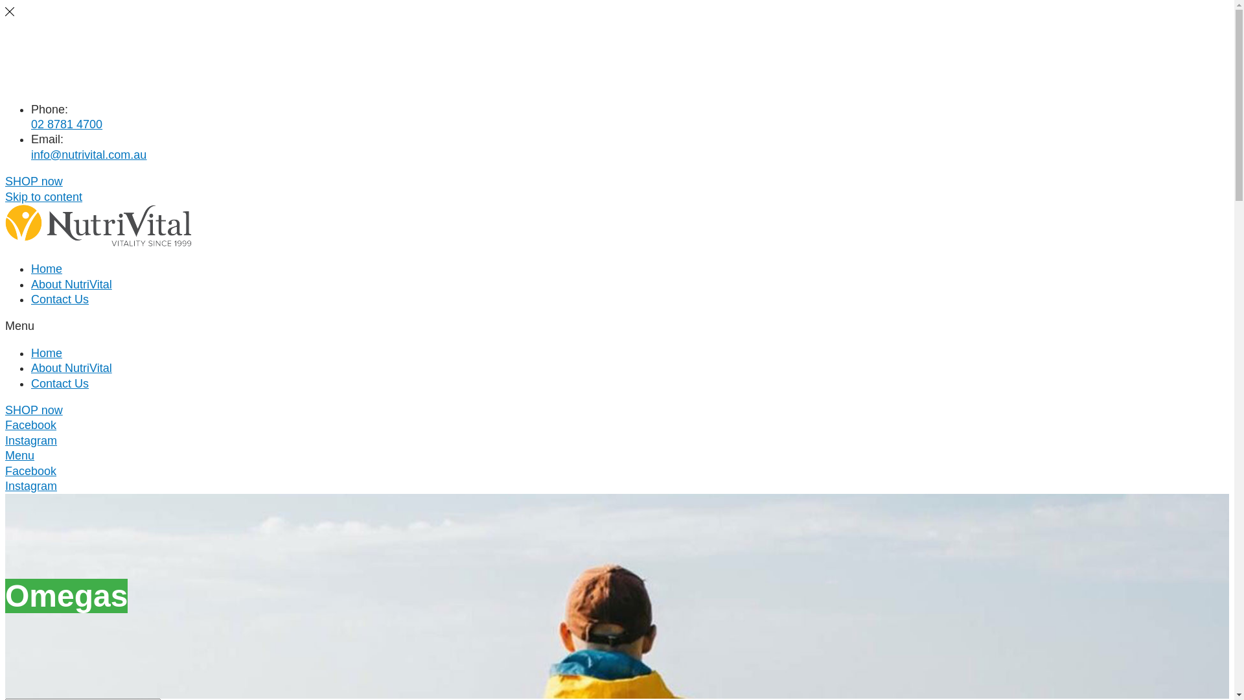 This screenshot has width=1244, height=700. I want to click on 'Contact Us', so click(59, 382).